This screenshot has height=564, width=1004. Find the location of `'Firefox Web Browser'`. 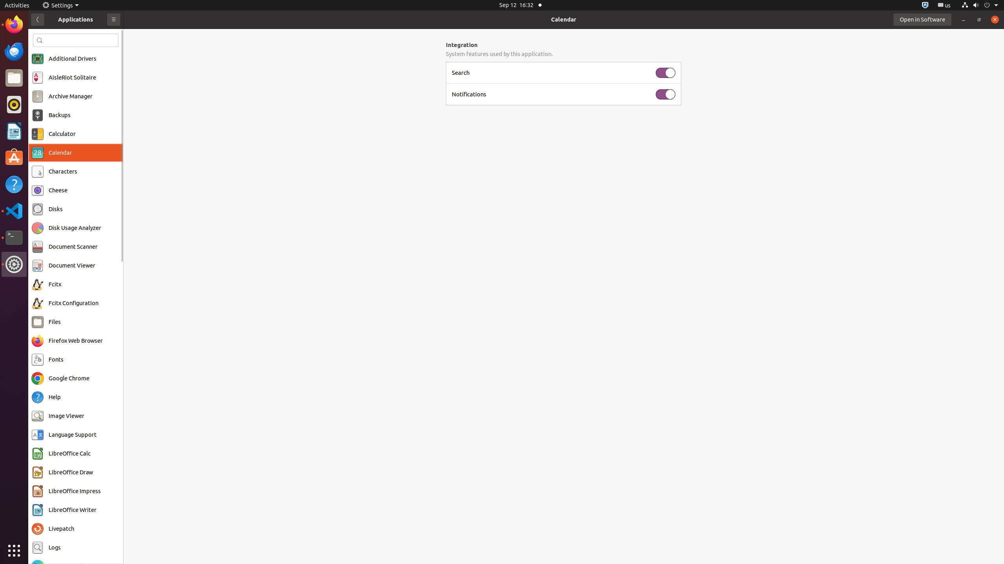

'Firefox Web Browser' is located at coordinates (75, 340).